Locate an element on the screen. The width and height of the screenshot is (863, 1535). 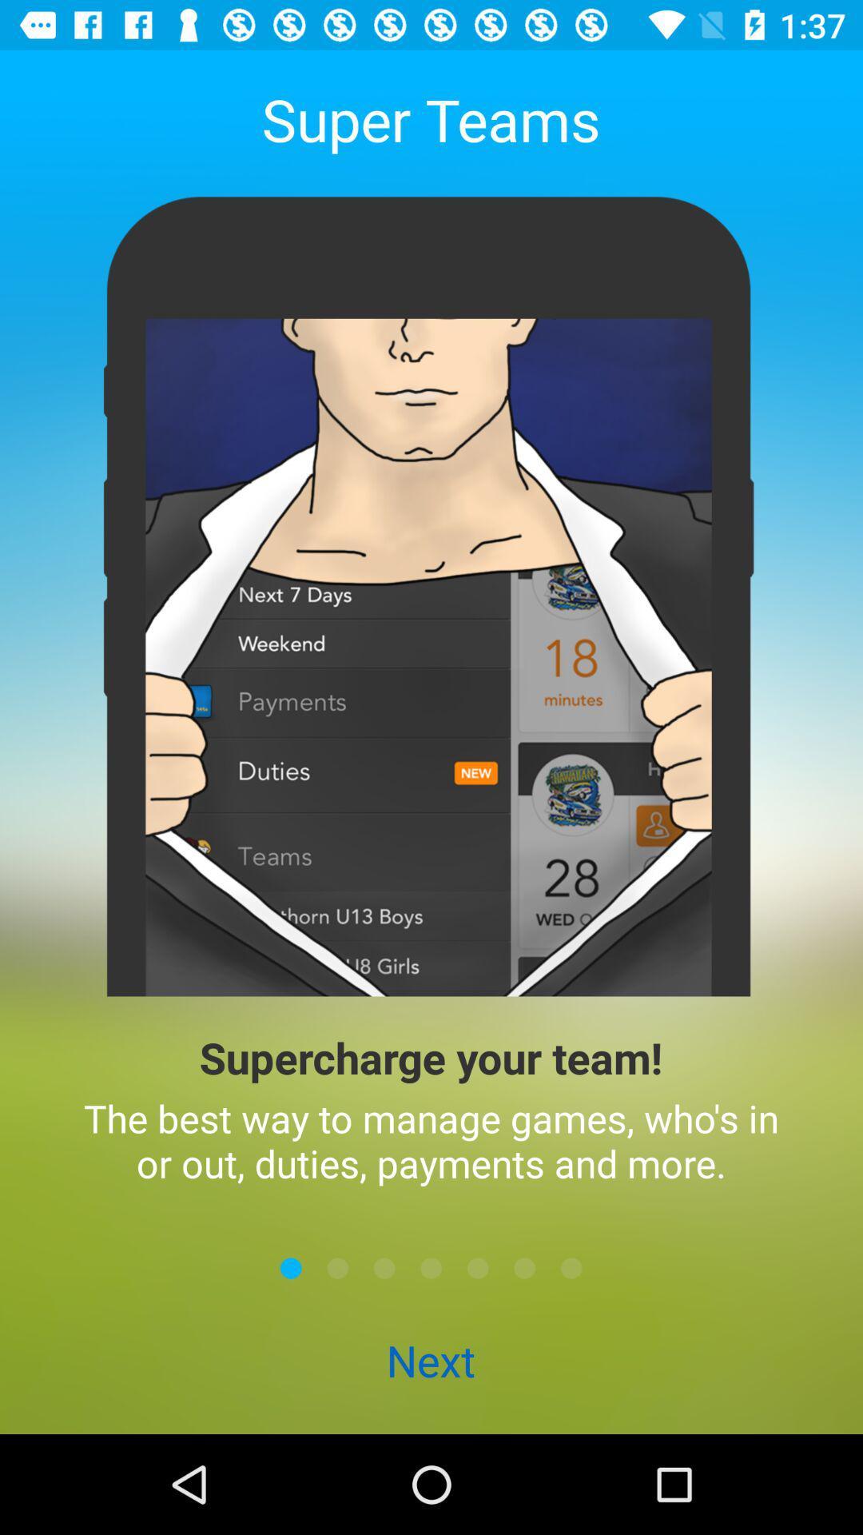
next is located at coordinates (571, 1267).